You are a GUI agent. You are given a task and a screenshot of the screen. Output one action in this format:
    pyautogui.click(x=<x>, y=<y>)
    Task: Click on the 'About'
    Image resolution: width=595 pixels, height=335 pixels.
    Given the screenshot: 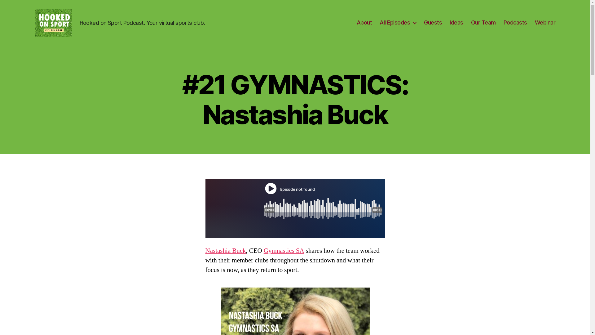 What is the action you would take?
    pyautogui.click(x=364, y=22)
    